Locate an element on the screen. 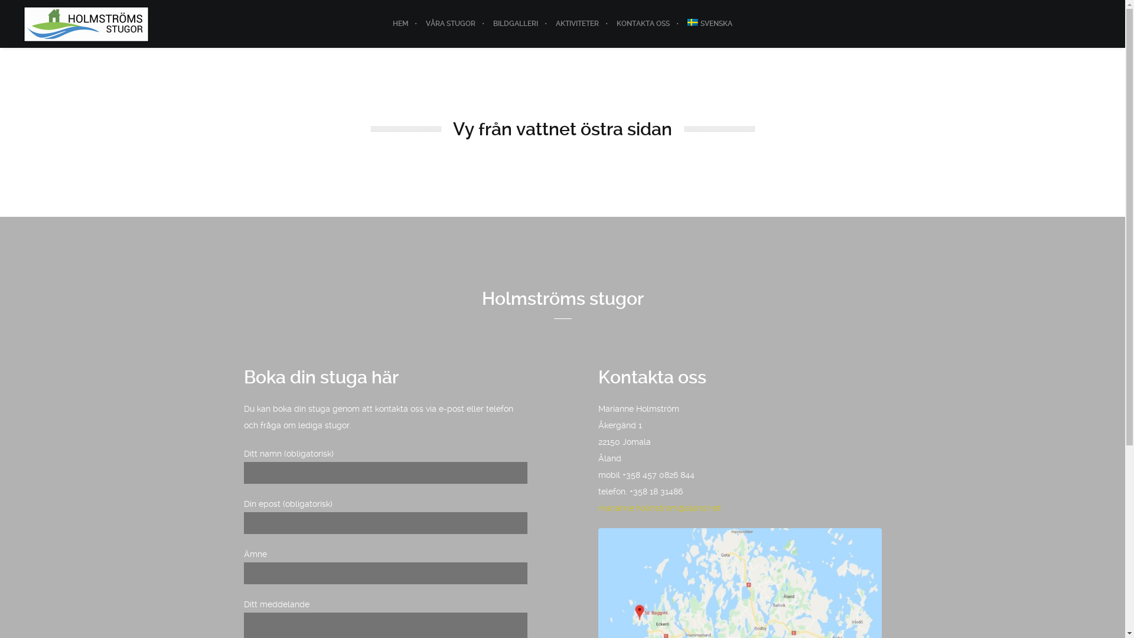  'AKTIVITETER' is located at coordinates (546, 23).